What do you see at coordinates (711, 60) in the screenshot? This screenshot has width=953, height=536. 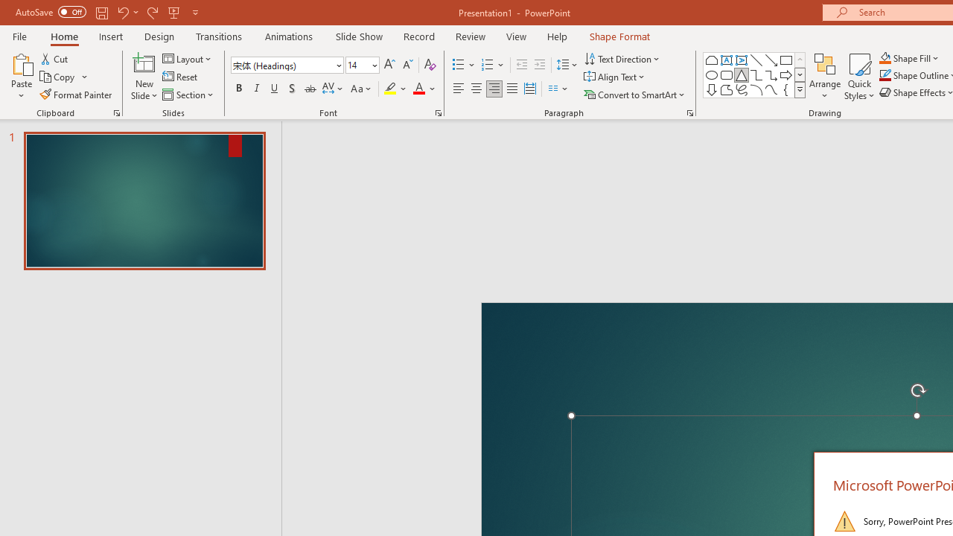 I see `'Rectangle: Top Corners Snipped'` at bounding box center [711, 60].